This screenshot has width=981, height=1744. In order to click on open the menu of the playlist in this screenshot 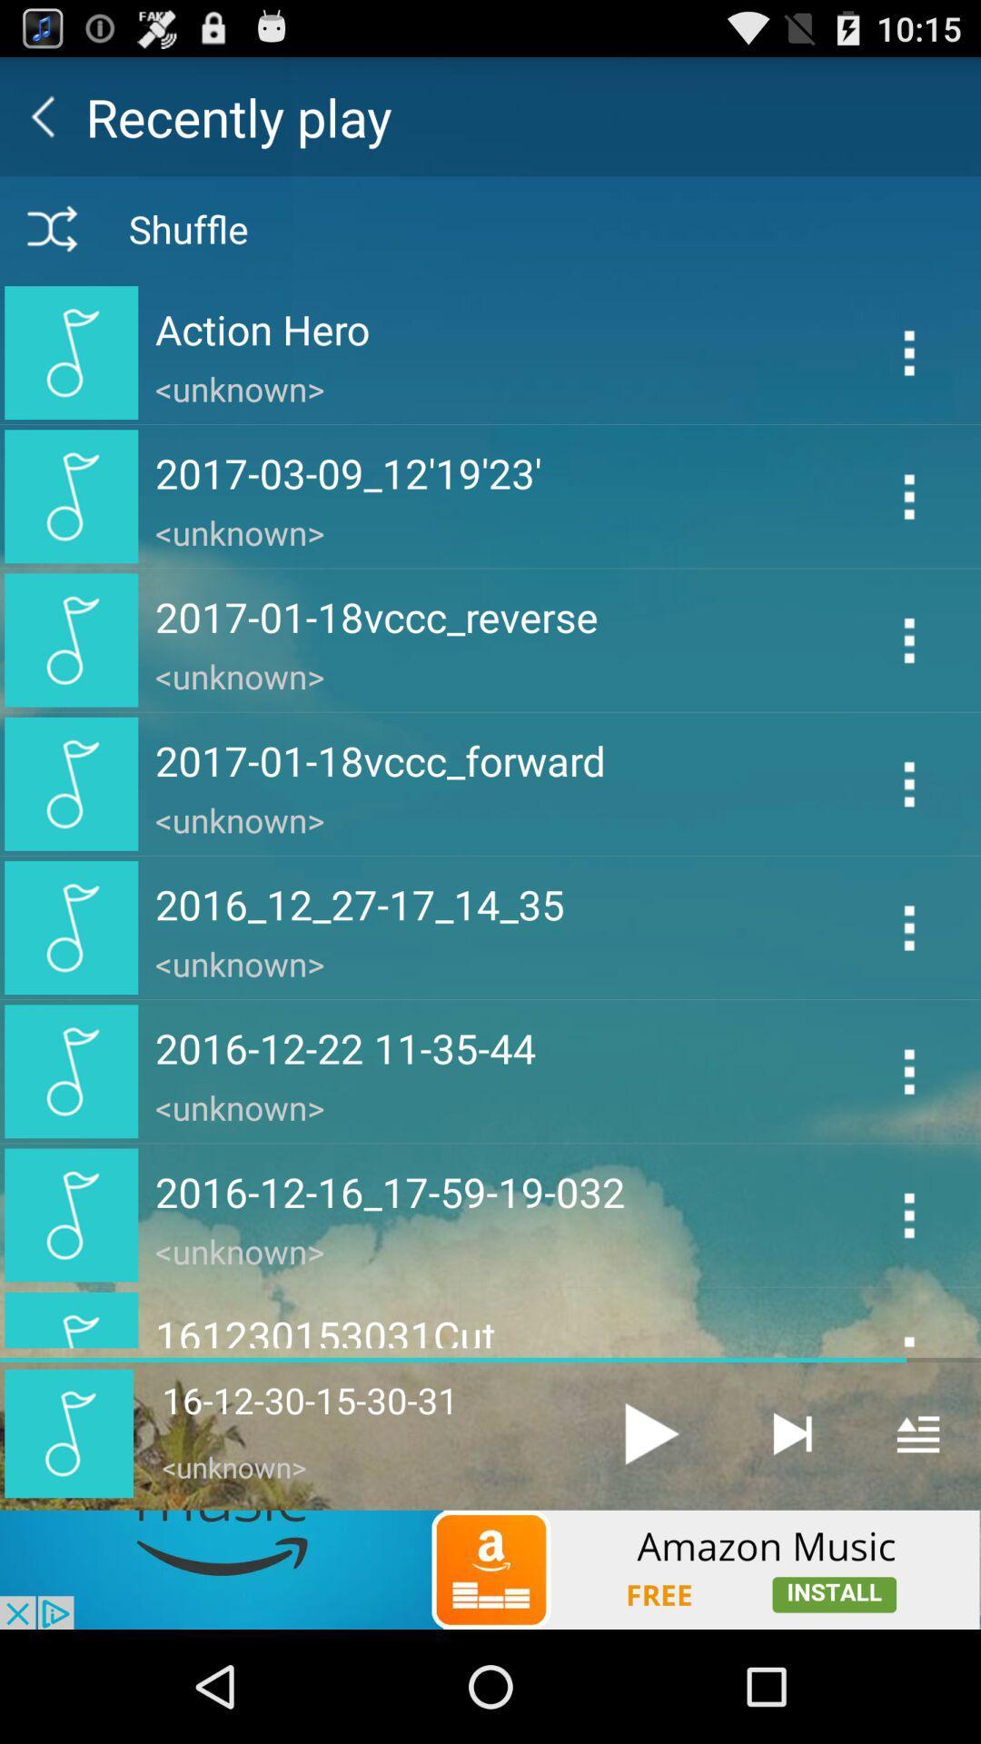, I will do `click(917, 1432)`.